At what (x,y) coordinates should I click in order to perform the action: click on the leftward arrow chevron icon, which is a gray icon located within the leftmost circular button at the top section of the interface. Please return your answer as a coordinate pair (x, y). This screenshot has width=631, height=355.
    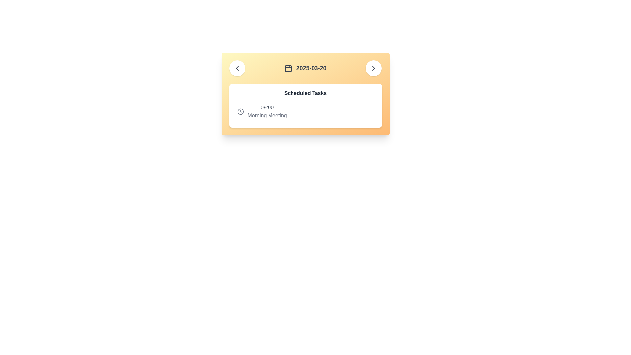
    Looking at the image, I should click on (237, 68).